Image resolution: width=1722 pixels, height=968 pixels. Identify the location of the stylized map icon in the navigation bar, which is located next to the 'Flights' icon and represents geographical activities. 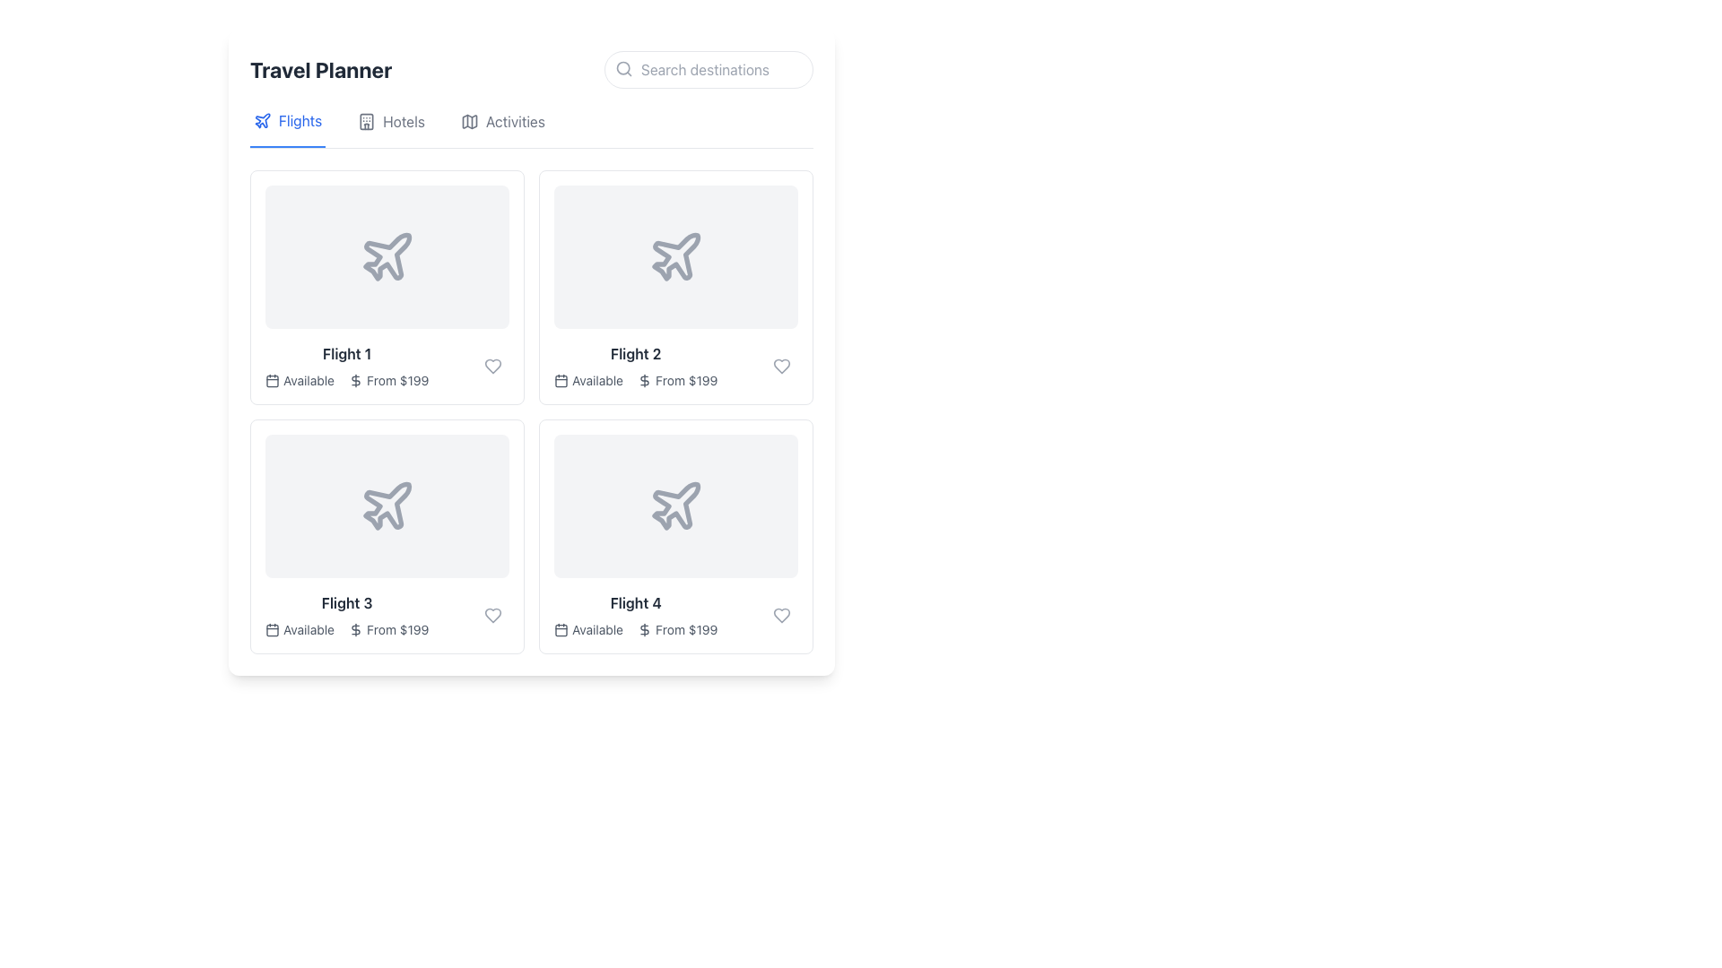
(469, 121).